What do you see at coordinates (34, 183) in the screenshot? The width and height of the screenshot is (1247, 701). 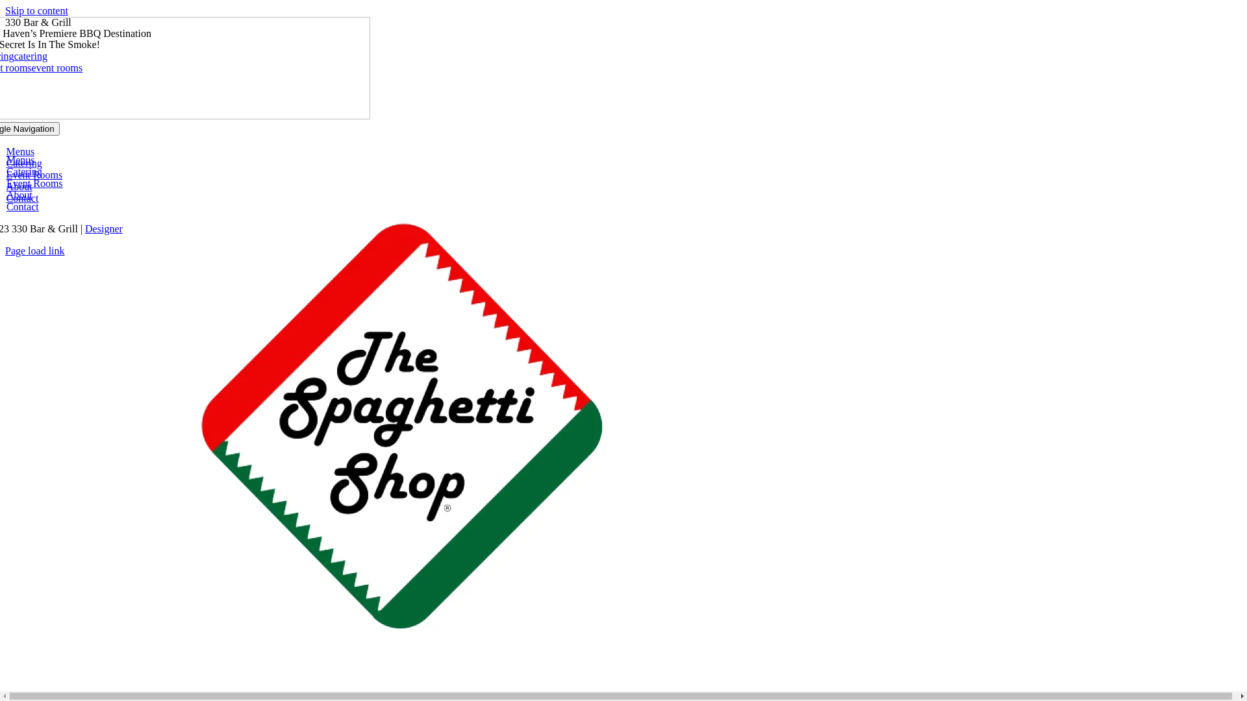 I see `'Event Rooms'` at bounding box center [34, 183].